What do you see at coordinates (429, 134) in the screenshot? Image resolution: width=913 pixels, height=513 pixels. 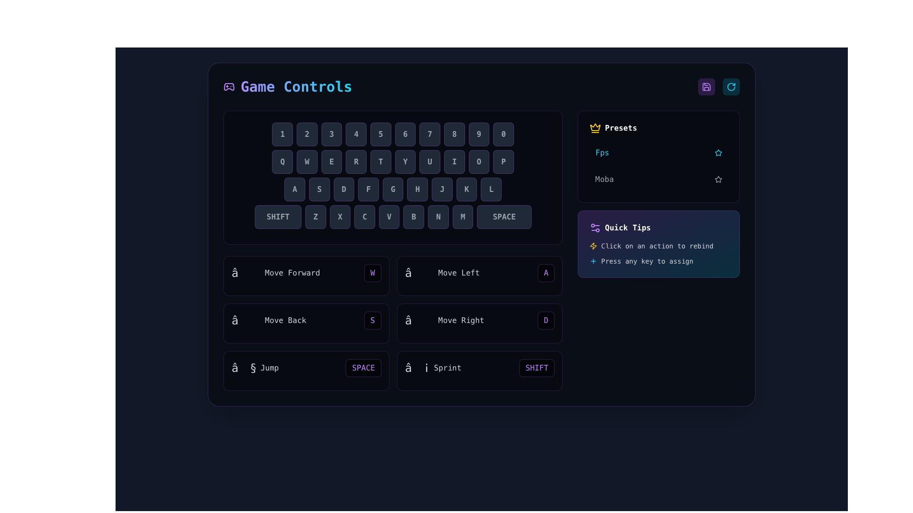 I see `the button displaying the number '7', which has a dark gray background and a lighter purple outline` at bounding box center [429, 134].